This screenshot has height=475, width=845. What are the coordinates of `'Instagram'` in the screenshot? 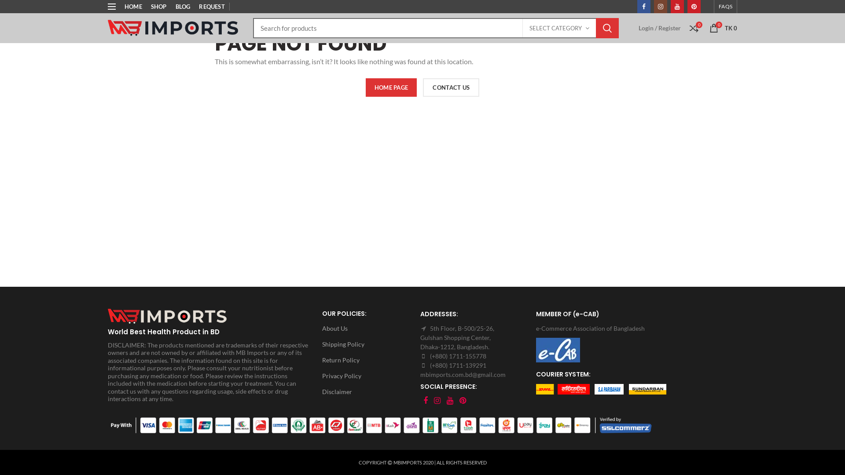 It's located at (431, 400).